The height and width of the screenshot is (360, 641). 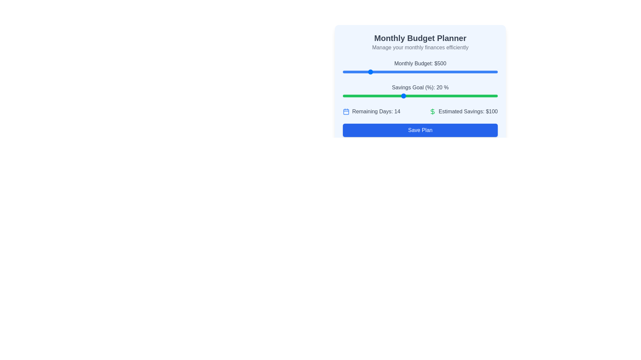 What do you see at coordinates (420, 79) in the screenshot?
I see `the values displayed in the labels above the interactive range sliders for the monthly budget and savings goal percentages, located centrally below the 'Monthly Budget Planner' text and above the 'Remaining Days: 14' and 'Estimated Savings: $100' text` at bounding box center [420, 79].